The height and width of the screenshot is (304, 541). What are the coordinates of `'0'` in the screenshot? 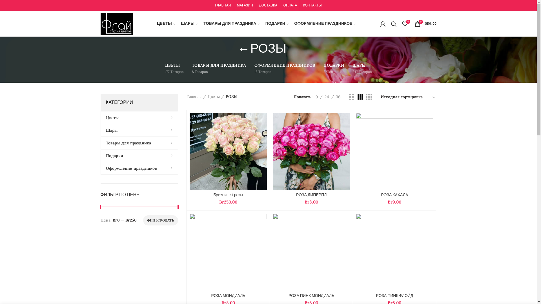 It's located at (404, 23).